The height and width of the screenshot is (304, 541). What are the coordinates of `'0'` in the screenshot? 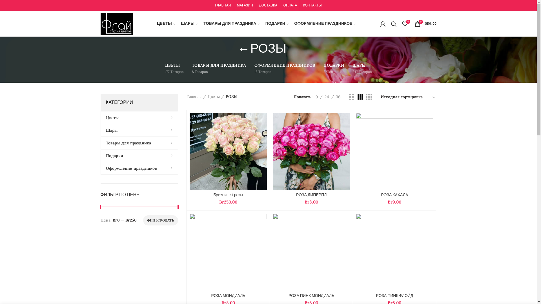 It's located at (404, 23).